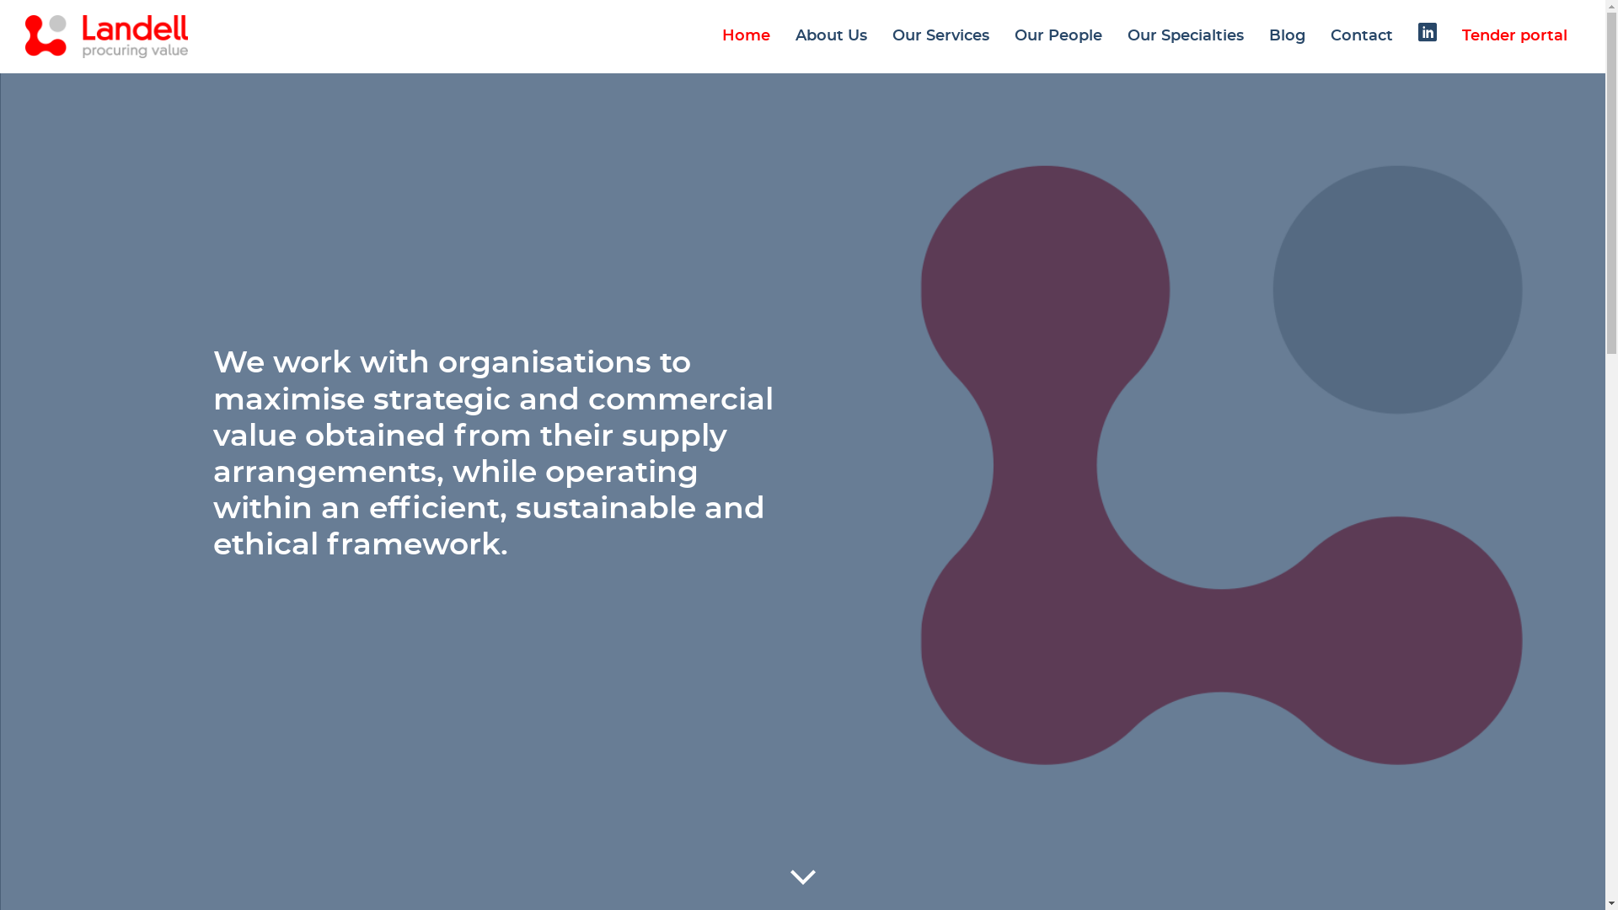 The image size is (1618, 910). I want to click on 'Our Services', so click(940, 36).